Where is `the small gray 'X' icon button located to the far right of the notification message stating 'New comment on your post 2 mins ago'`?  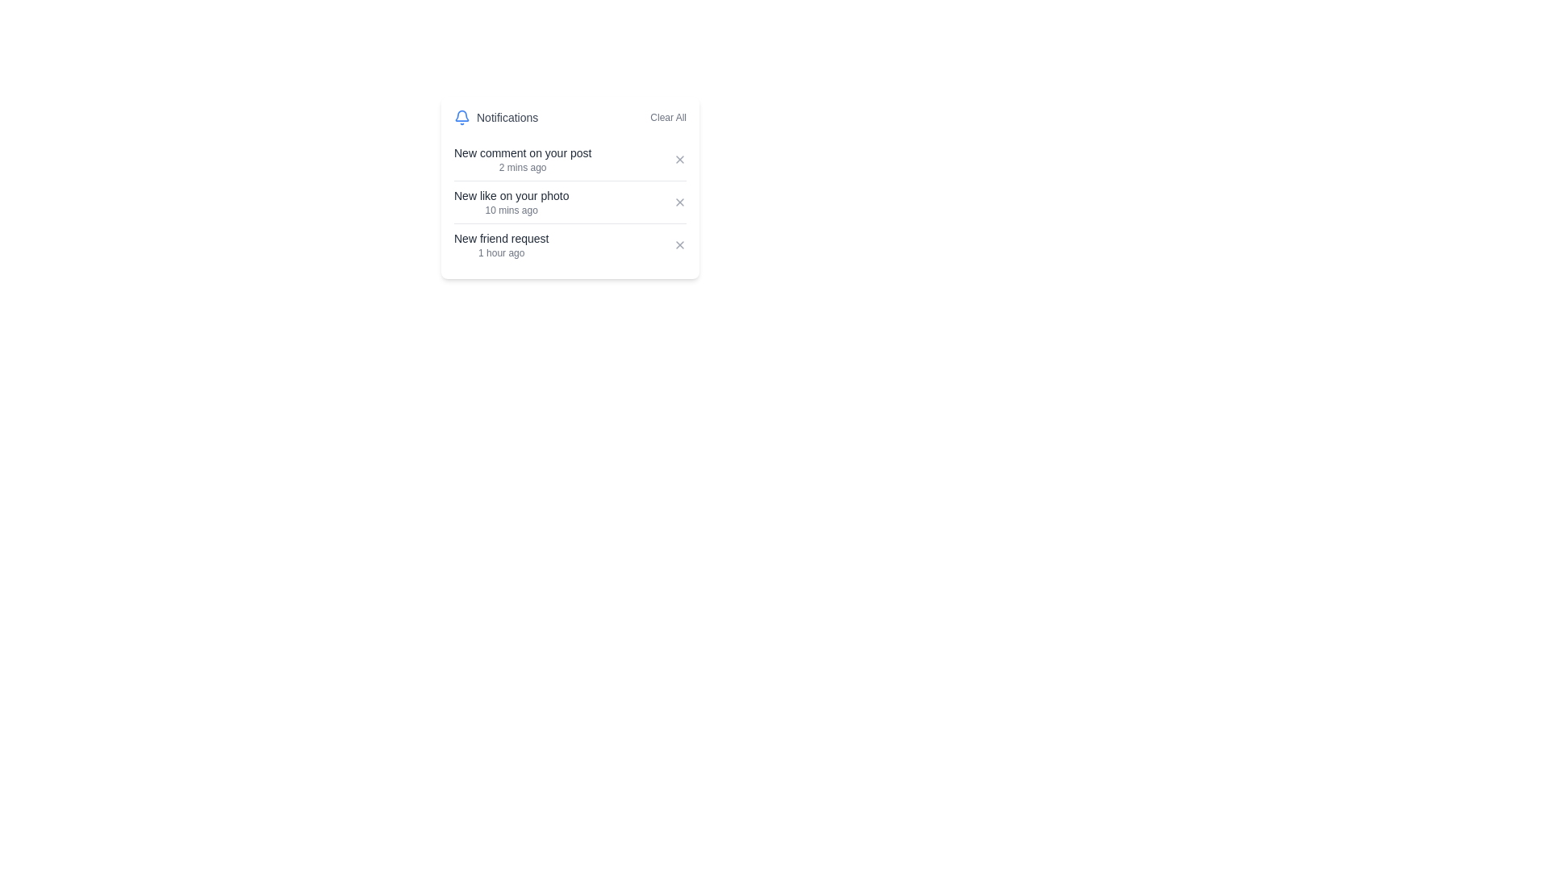 the small gray 'X' icon button located to the far right of the notification message stating 'New comment on your post 2 mins ago' is located at coordinates (680, 159).